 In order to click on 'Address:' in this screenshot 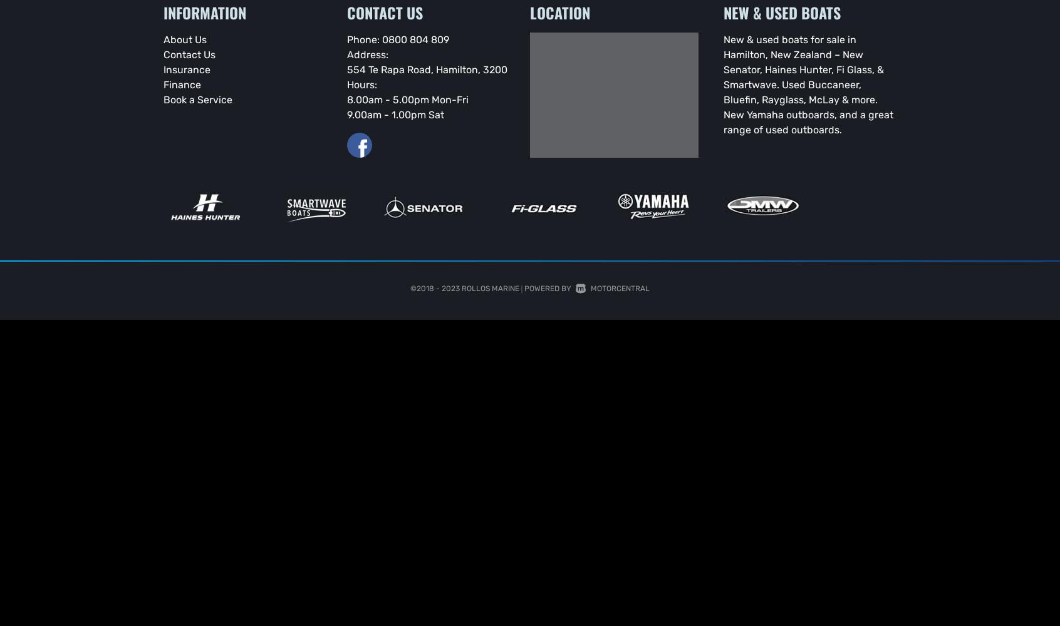, I will do `click(366, 53)`.